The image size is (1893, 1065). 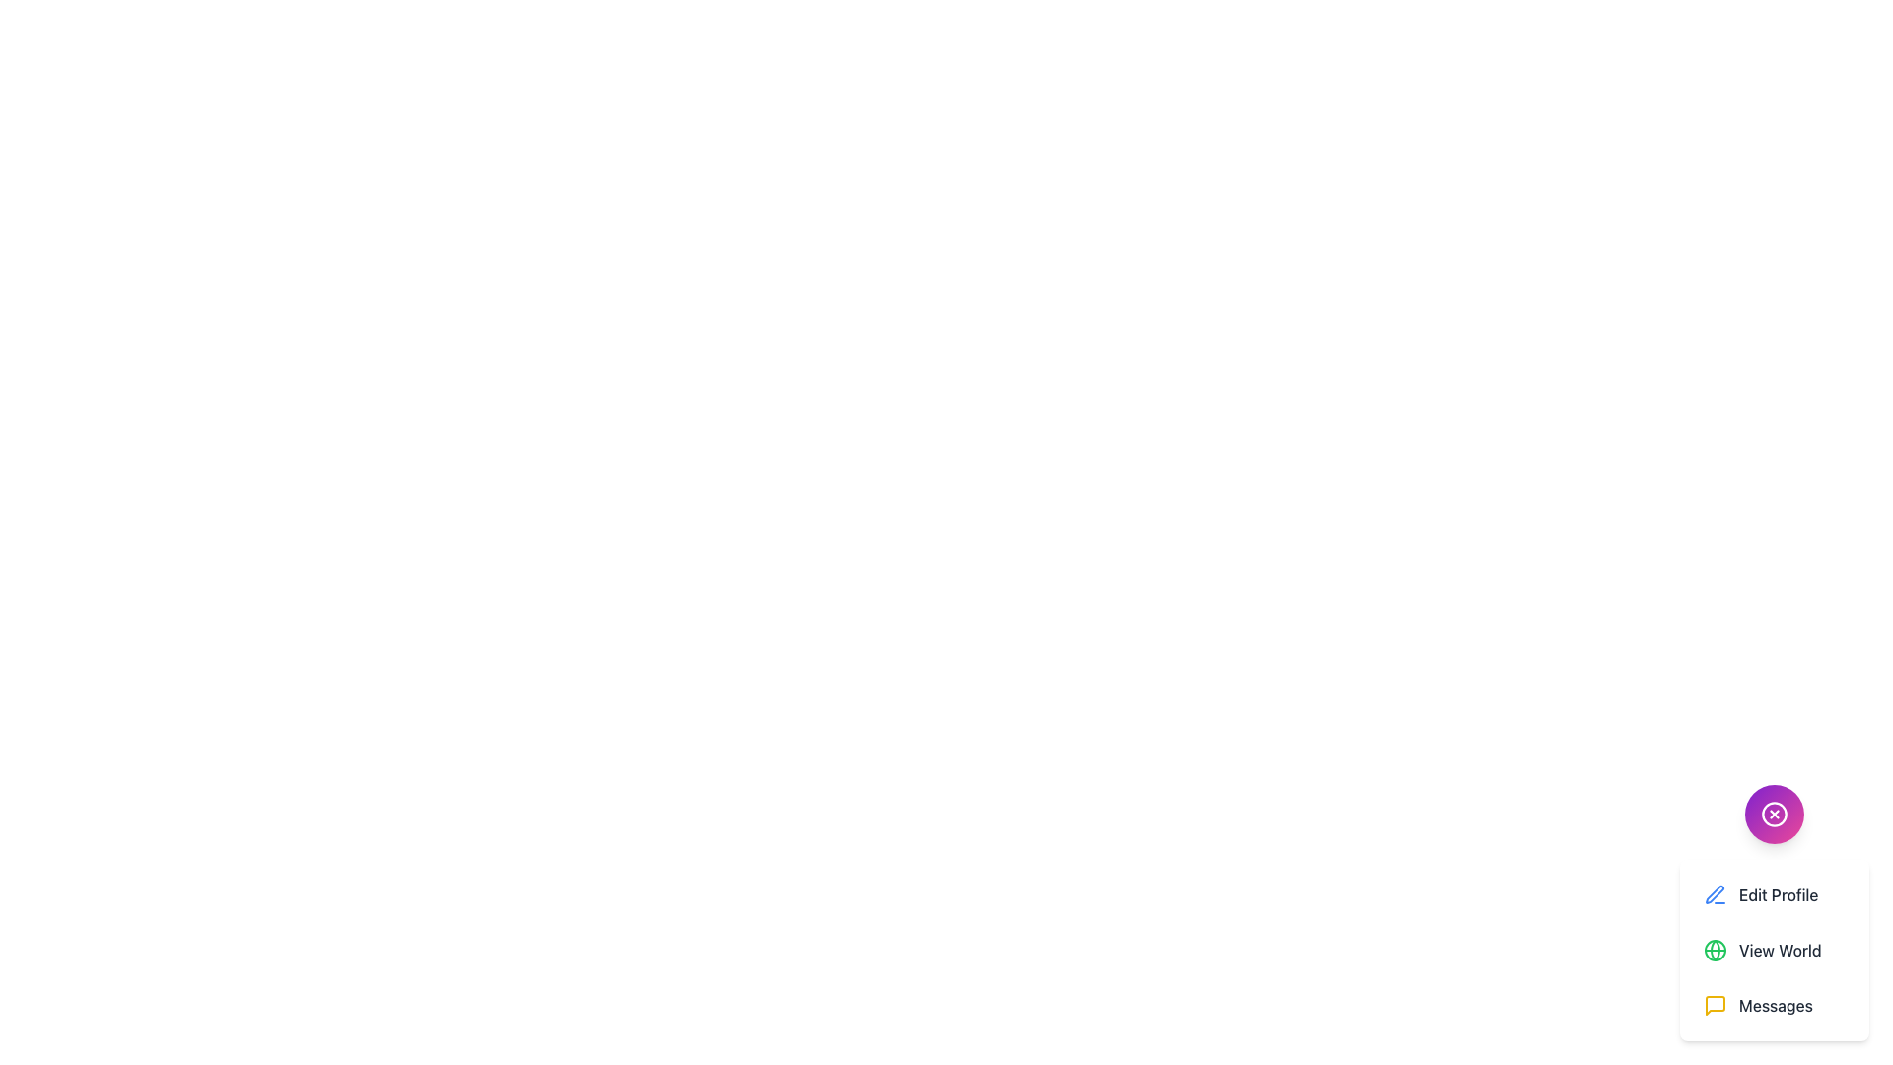 What do you see at coordinates (1775, 1005) in the screenshot?
I see `the 'Messages' button, which is a horizontally-aligned button with a message bubble icon and rounded corners, located at the bottom of a vertical list of buttons` at bounding box center [1775, 1005].